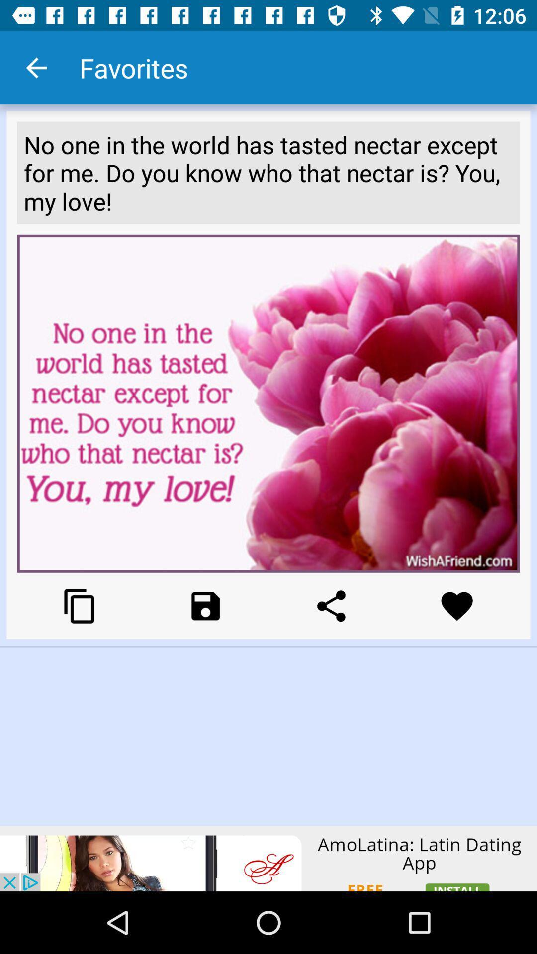  What do you see at coordinates (331, 605) in the screenshot?
I see `share` at bounding box center [331, 605].